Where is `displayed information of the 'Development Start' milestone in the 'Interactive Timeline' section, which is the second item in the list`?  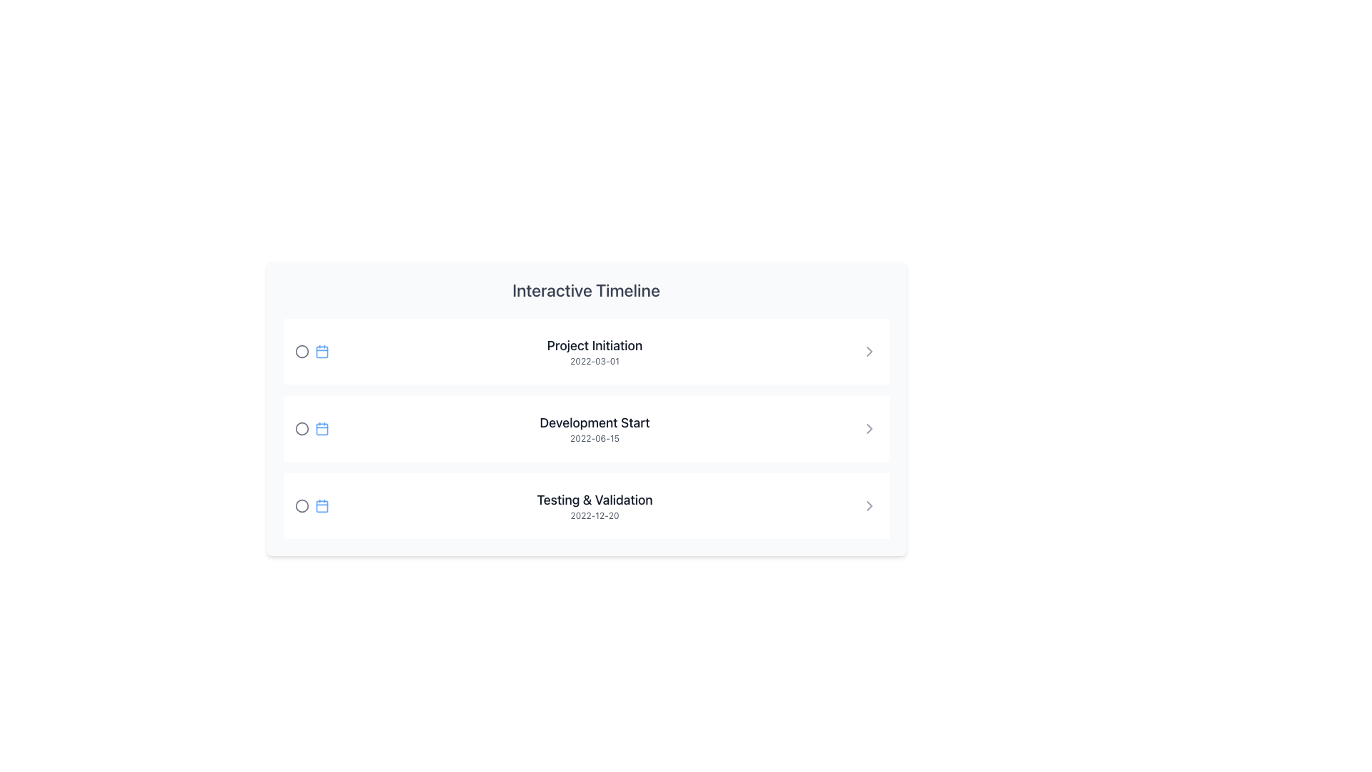 displayed information of the 'Development Start' milestone in the 'Interactive Timeline' section, which is the second item in the list is located at coordinates (595, 428).